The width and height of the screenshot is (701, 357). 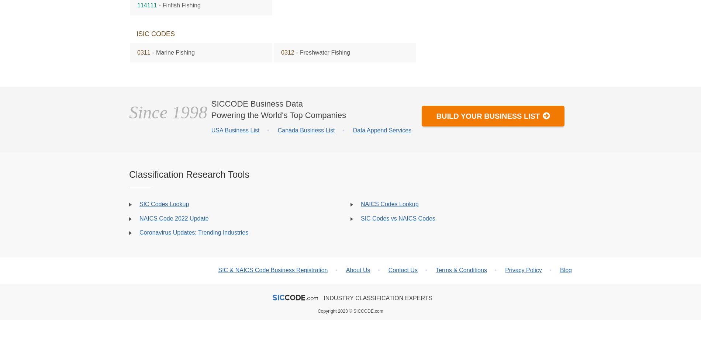 What do you see at coordinates (566, 270) in the screenshot?
I see `'Blog'` at bounding box center [566, 270].